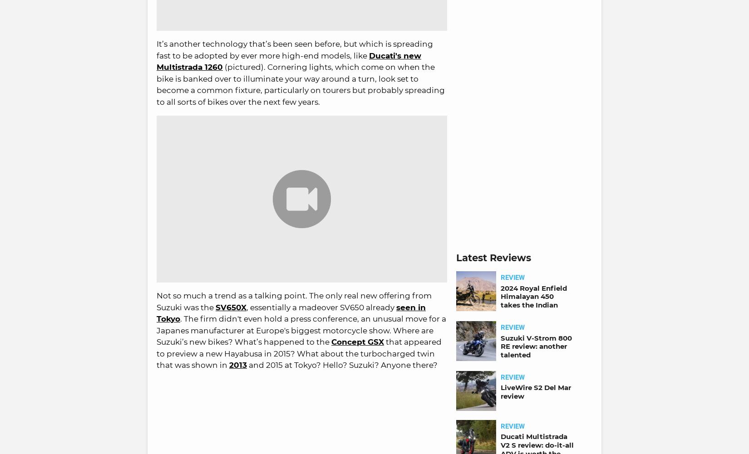 This screenshot has height=454, width=749. Describe the element at coordinates (501, 350) in the screenshot. I see `'Suzuki V-Strom 800 RE review: another talented middleweight ADV'` at that location.